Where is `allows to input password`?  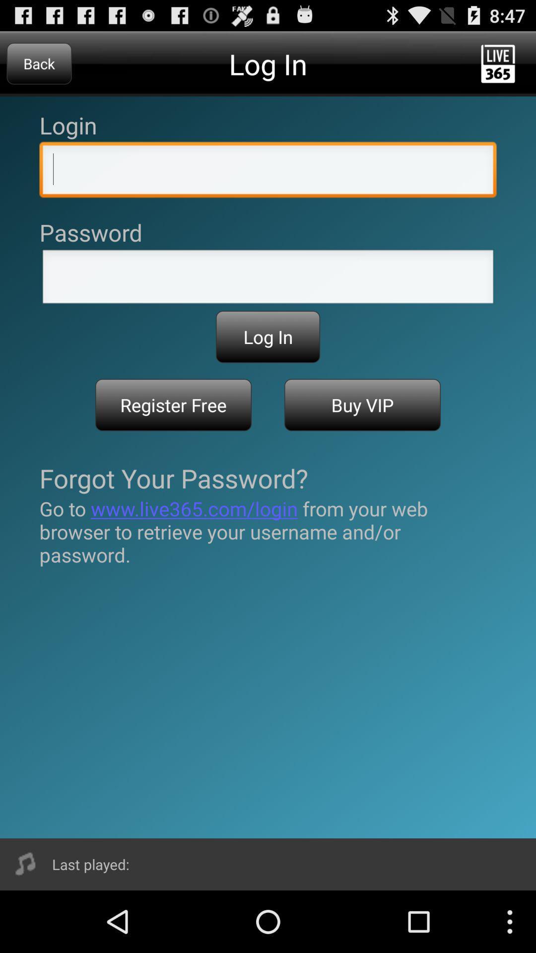
allows to input password is located at coordinates (268, 279).